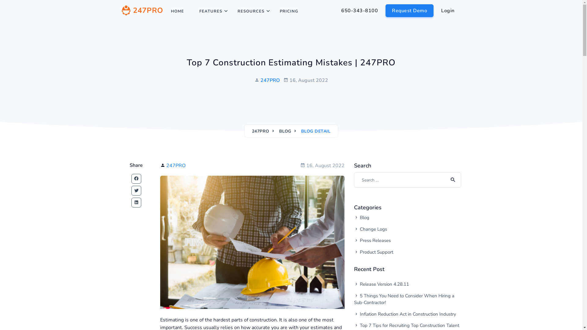 Image resolution: width=587 pixels, height=330 pixels. What do you see at coordinates (252, 242) in the screenshot?
I see `'Top 7 Construction Estimating Mistakes | 247PRO'` at bounding box center [252, 242].